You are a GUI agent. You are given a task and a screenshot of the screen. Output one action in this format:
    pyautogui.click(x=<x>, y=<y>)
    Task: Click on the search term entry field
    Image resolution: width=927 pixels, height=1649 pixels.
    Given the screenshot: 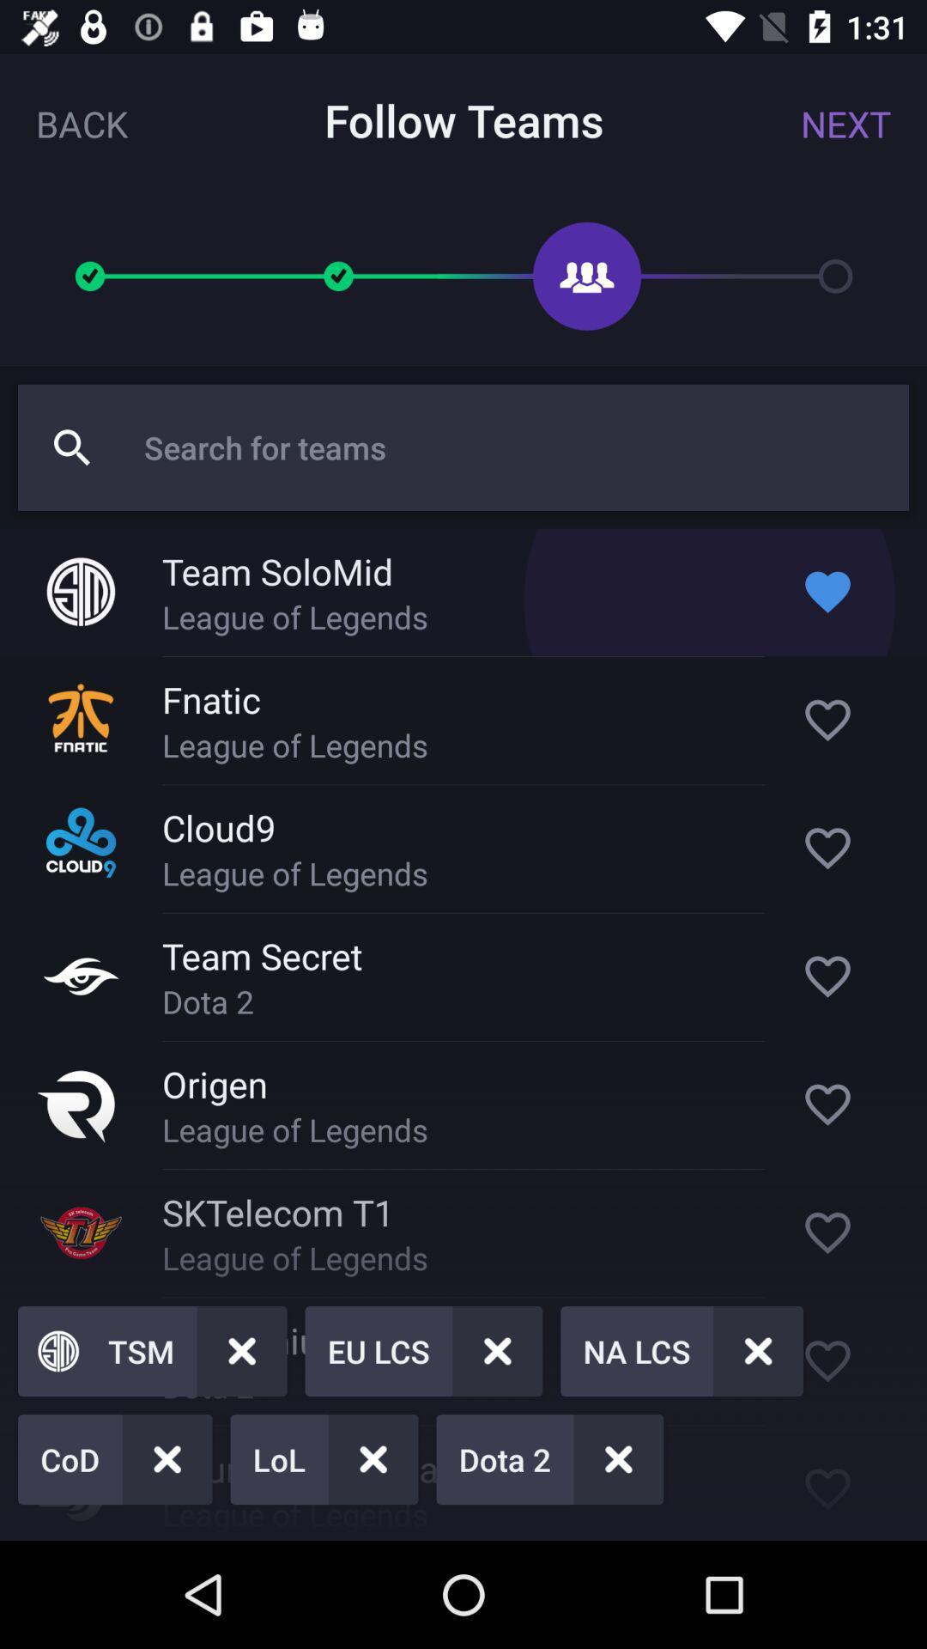 What is the action you would take?
    pyautogui.click(x=516, y=447)
    